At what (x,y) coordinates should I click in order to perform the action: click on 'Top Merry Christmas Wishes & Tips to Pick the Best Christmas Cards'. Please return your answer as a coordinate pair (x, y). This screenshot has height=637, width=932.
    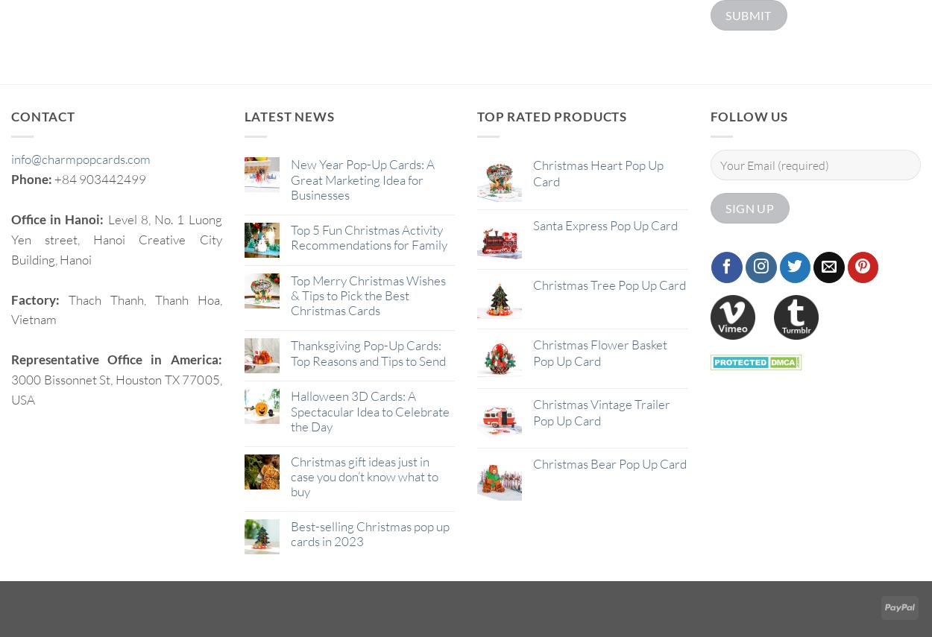
    Looking at the image, I should click on (366, 295).